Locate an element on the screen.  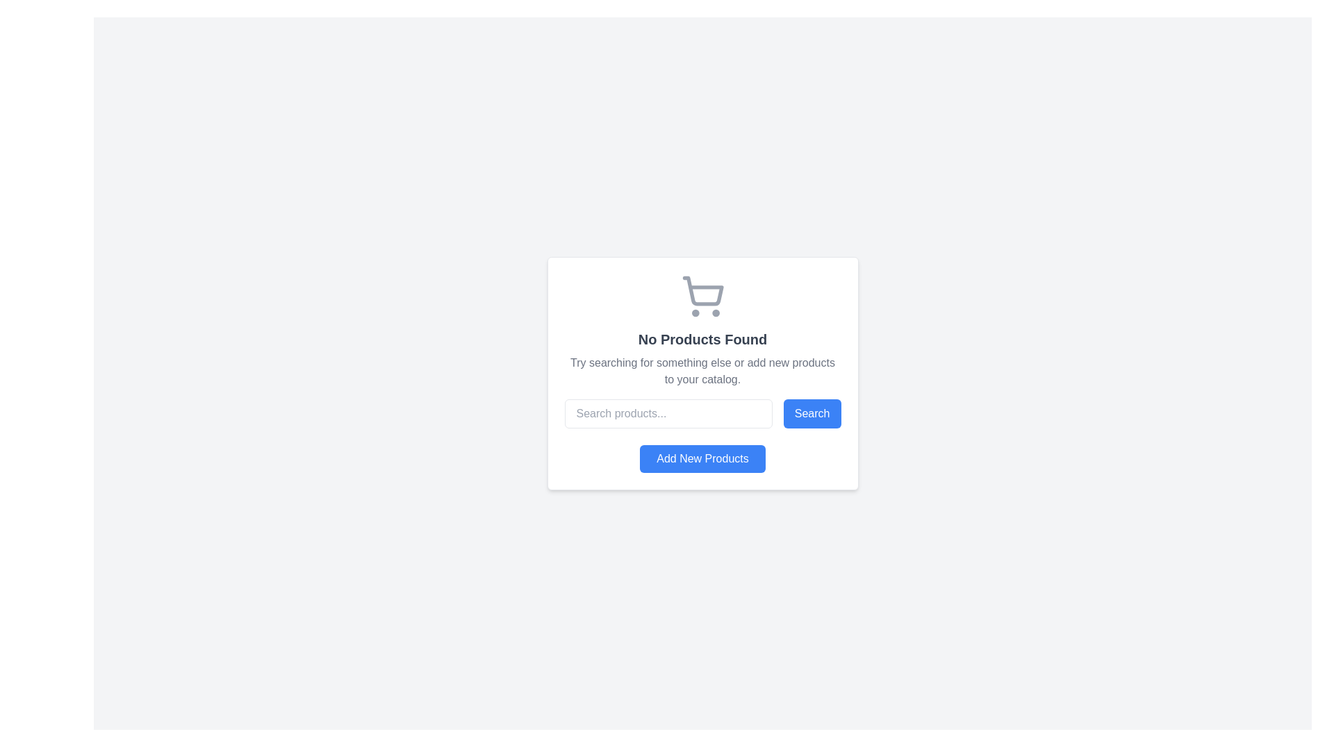
the non-interactive text label located beneath the header 'No Products Found' and above the search input field within the central modal is located at coordinates (702, 371).